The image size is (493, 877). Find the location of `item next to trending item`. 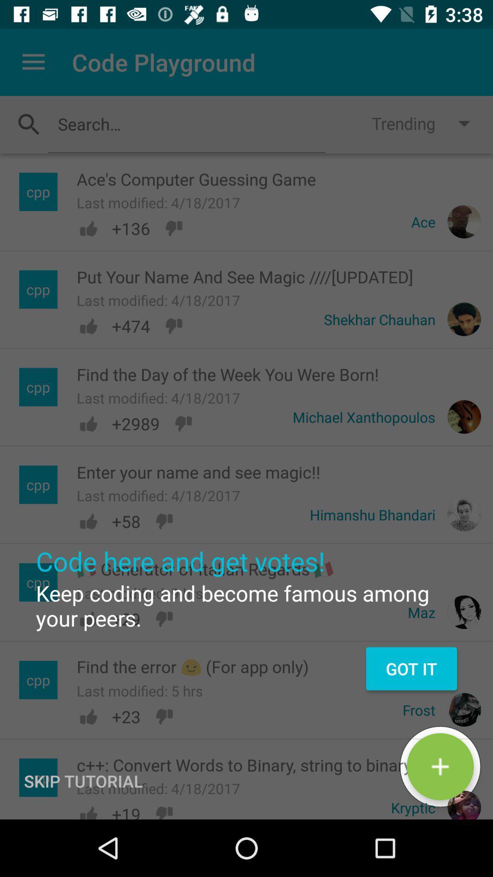

item next to trending item is located at coordinates (186, 123).